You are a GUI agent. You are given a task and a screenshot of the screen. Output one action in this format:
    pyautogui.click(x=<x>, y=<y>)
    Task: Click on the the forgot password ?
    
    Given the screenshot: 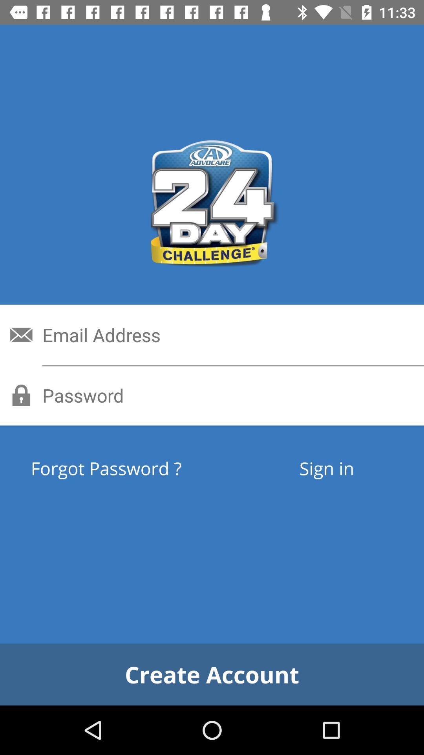 What is the action you would take?
    pyautogui.click(x=135, y=468)
    